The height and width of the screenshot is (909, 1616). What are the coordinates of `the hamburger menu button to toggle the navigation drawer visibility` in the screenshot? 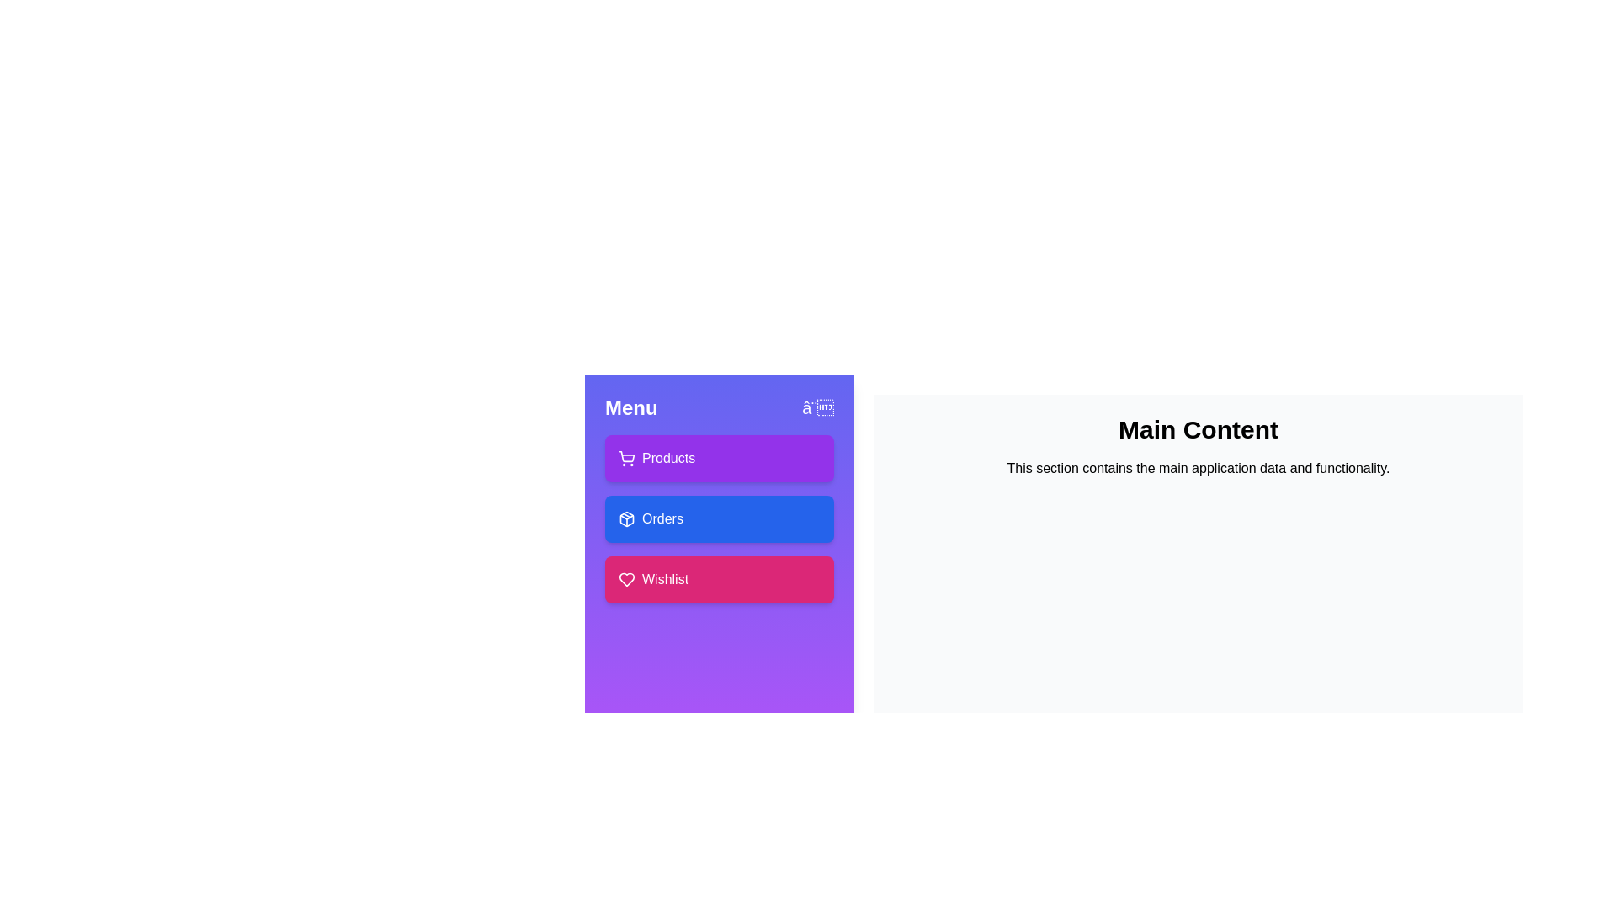 It's located at (817, 408).